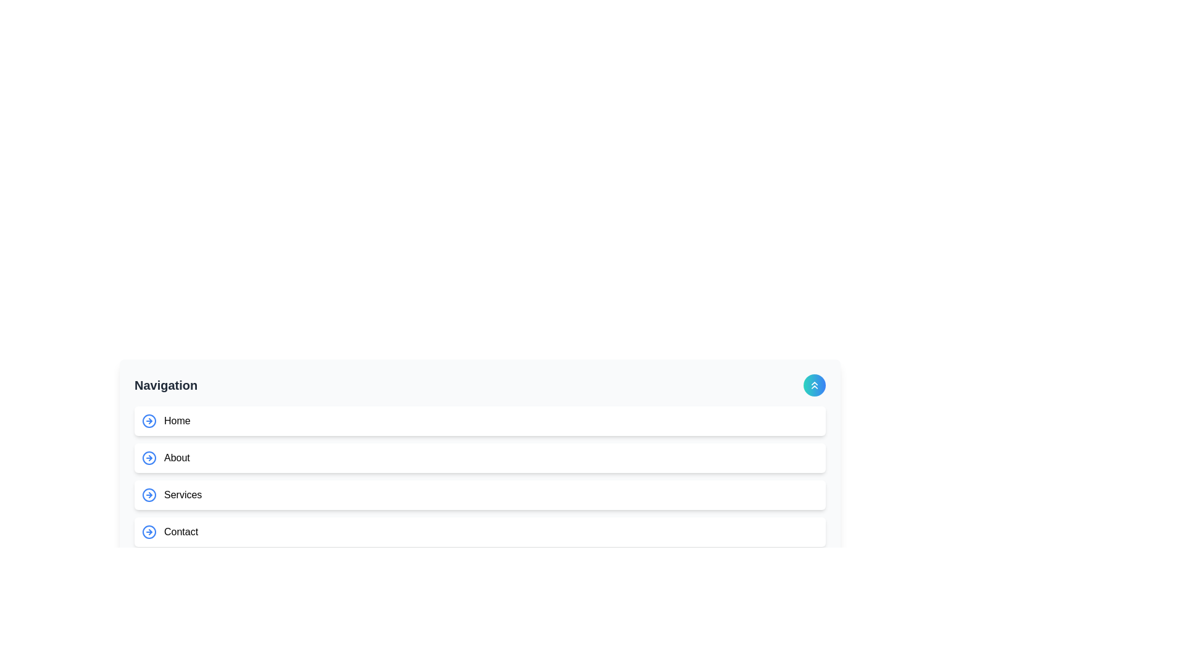  What do you see at coordinates (148, 458) in the screenshot?
I see `the circular icon with a blue outline within the arrow icon next to the 'About' text in the navigation menu` at bounding box center [148, 458].